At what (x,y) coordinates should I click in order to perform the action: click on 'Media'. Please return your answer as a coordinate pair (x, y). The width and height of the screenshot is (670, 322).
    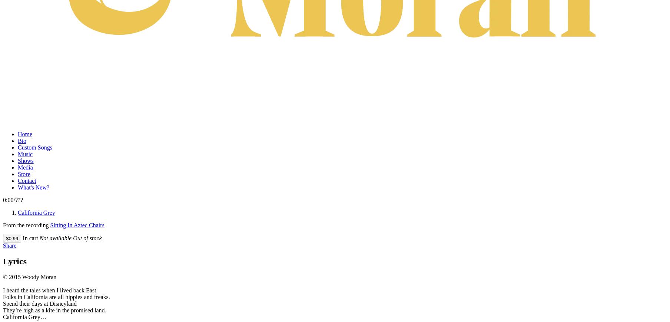
    Looking at the image, I should click on (25, 167).